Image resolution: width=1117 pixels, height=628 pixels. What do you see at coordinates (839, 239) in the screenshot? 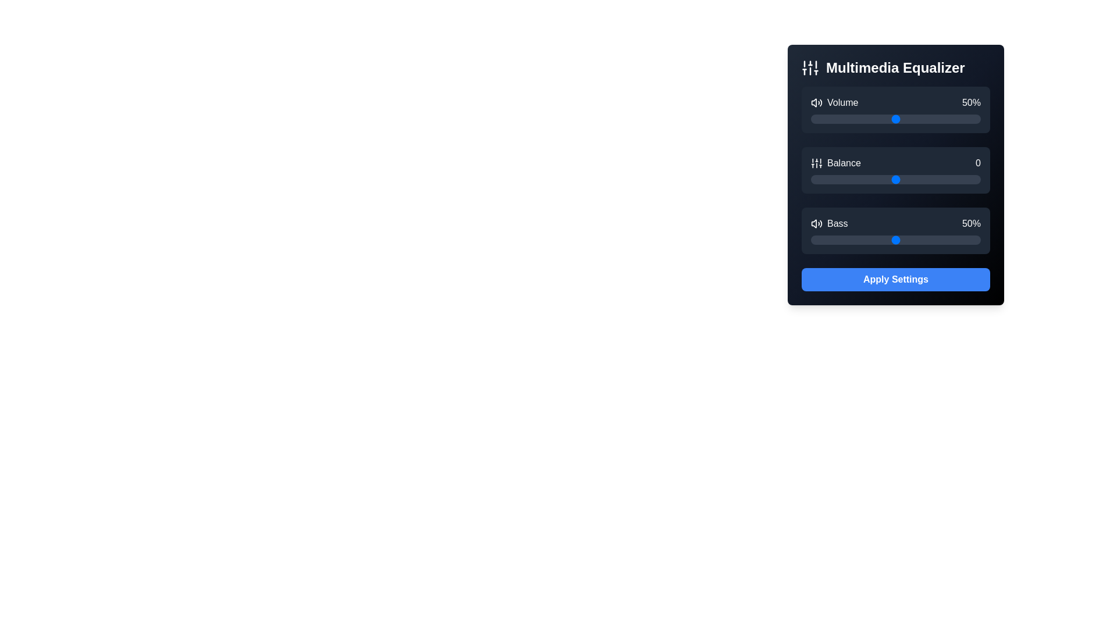
I see `the bass level` at bounding box center [839, 239].